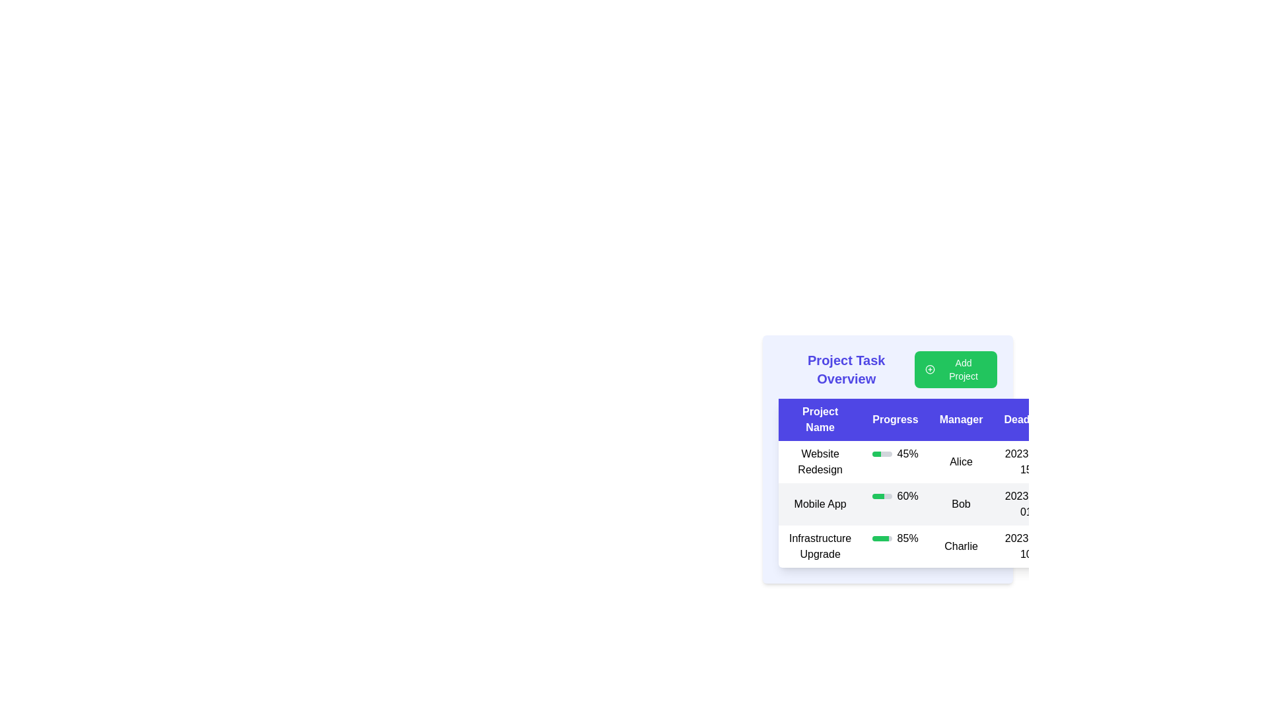  What do you see at coordinates (820, 461) in the screenshot?
I see `on the 'Website Redesign' text label located in the first column under the 'Project name' header` at bounding box center [820, 461].